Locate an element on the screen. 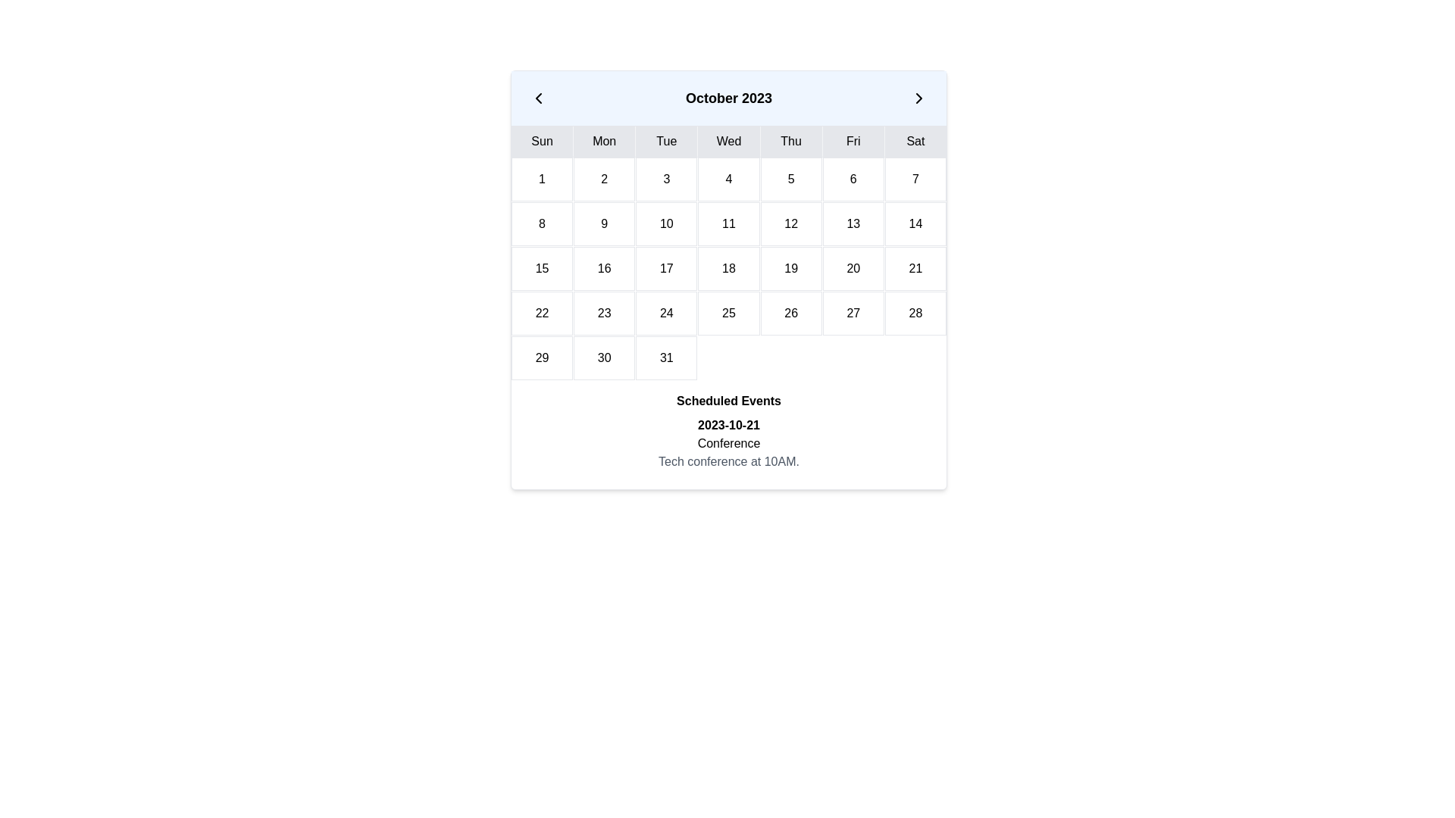 The width and height of the screenshot is (1455, 818). the grid cell displaying the number '25' in a bold black font, located in the fifth row and fourth column of the grid is located at coordinates (728, 312).